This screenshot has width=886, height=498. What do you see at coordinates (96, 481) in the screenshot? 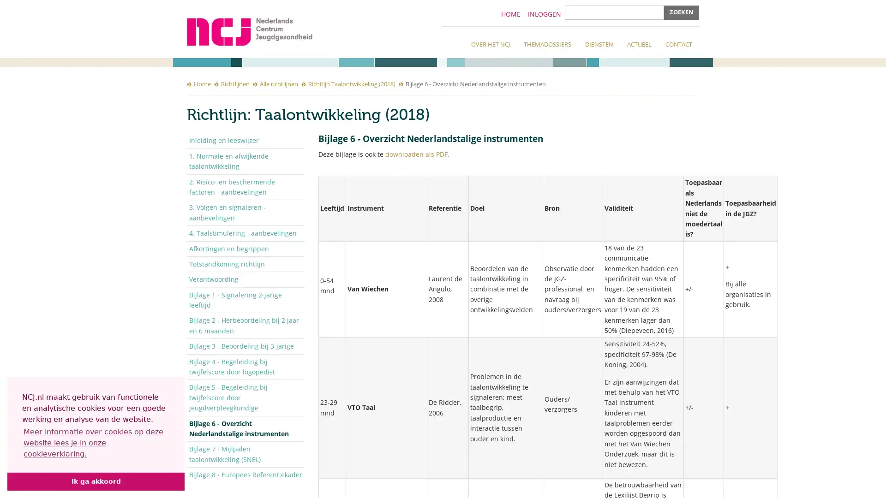
I see `dismiss cookie message` at bounding box center [96, 481].